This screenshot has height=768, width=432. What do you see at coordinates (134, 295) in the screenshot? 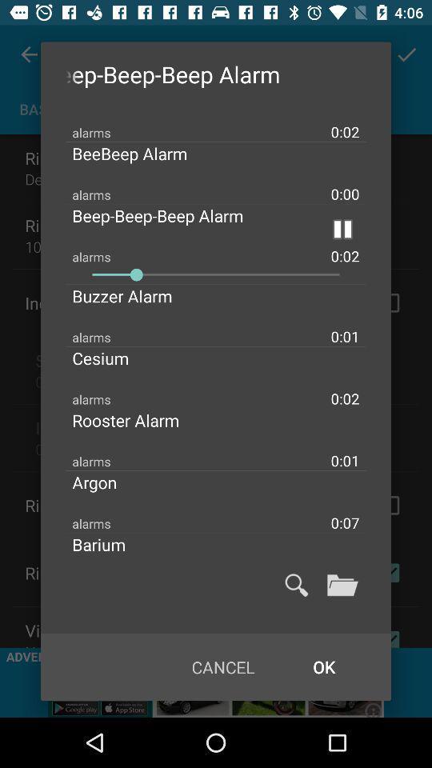
I see `the item above alarms` at bounding box center [134, 295].